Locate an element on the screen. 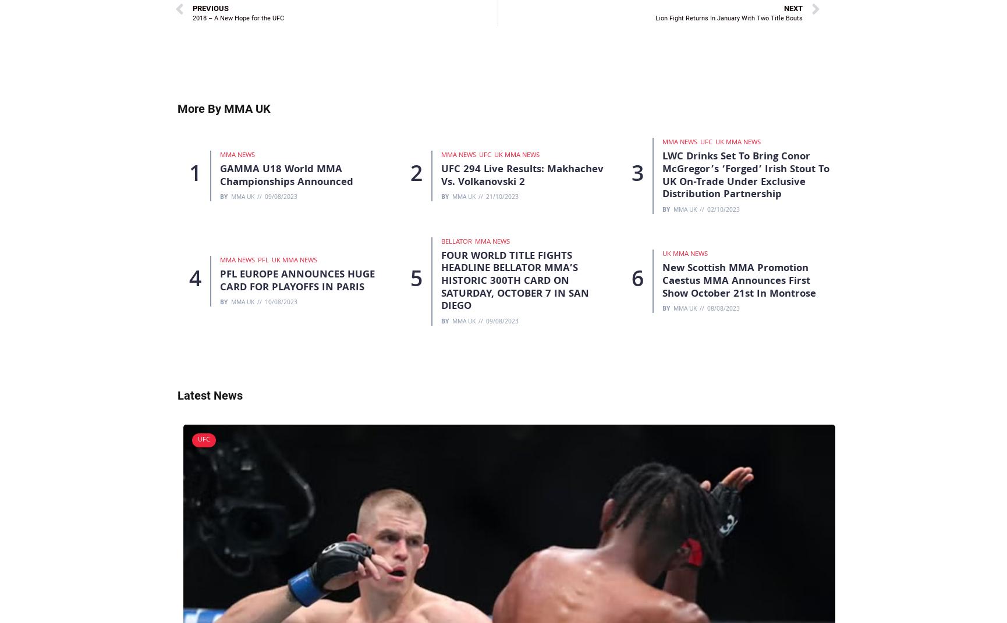 Image resolution: width=1007 pixels, height=623 pixels. '10/08/2023' is located at coordinates (281, 302).